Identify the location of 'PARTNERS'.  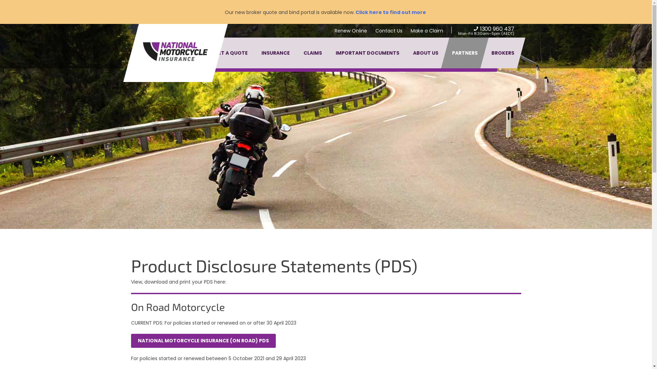
(464, 52).